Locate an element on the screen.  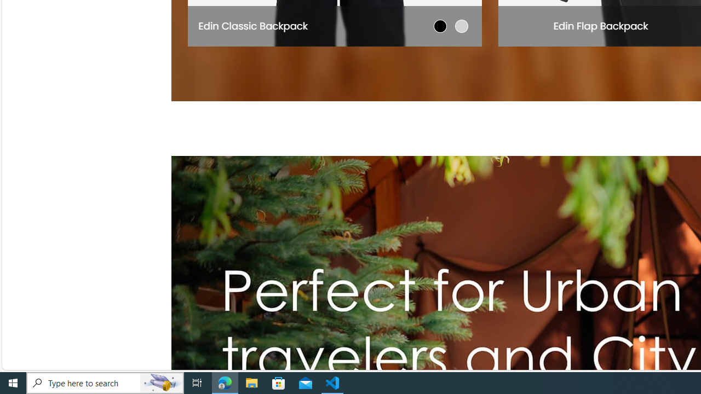
'Microsoft Store' is located at coordinates (279, 382).